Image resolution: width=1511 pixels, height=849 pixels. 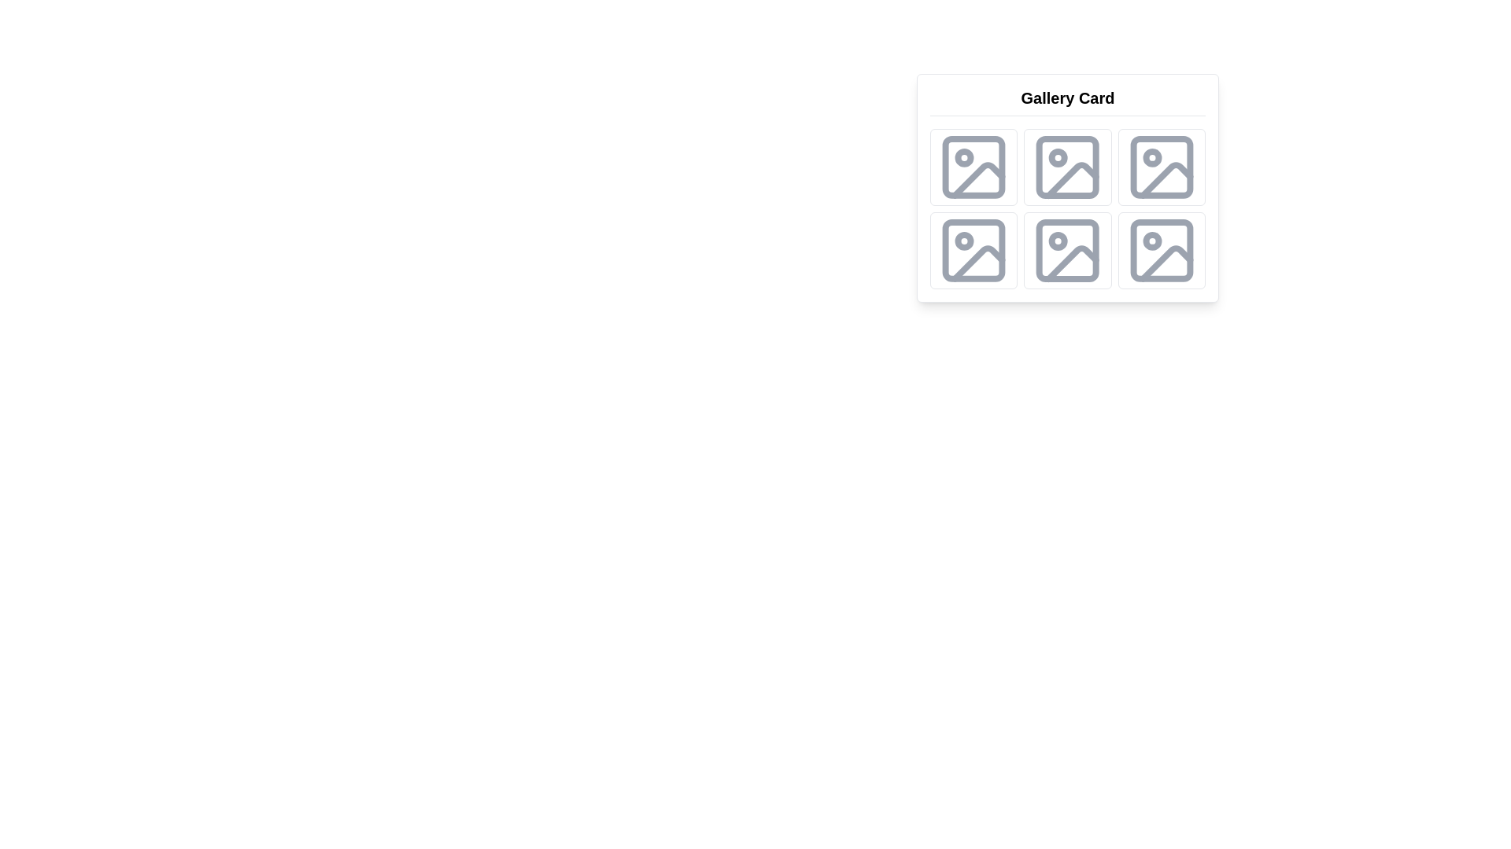 I want to click on the SVG icon representing a gallery placeholder located in the second row, middle column of the grid under 'Gallery Card', which has a caption 'Caption 2', so click(x=1068, y=167).